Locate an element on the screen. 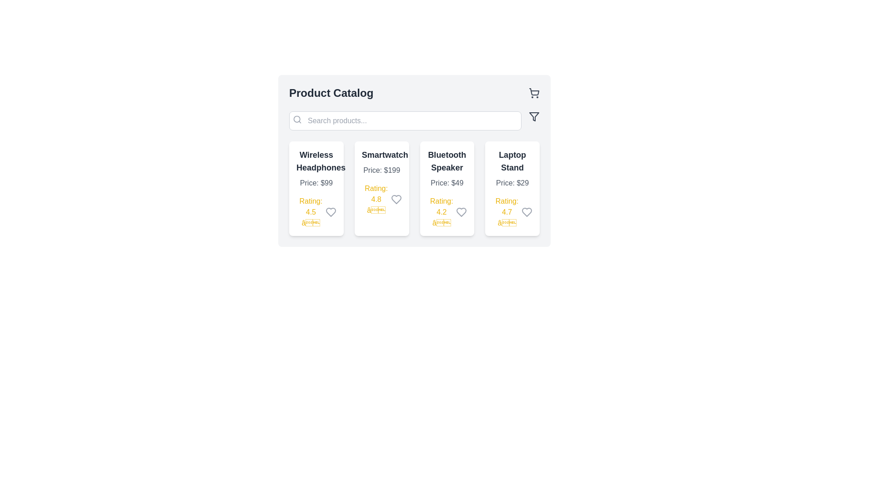  the favorite or like icon button for the 'Smartwatch' product is located at coordinates (396, 199).